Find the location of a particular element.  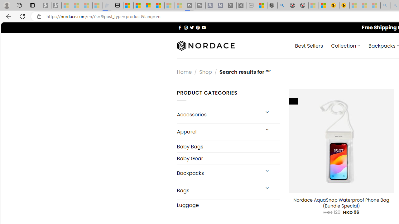

'amazon - Search - Sleeping' is located at coordinates (385, 5).